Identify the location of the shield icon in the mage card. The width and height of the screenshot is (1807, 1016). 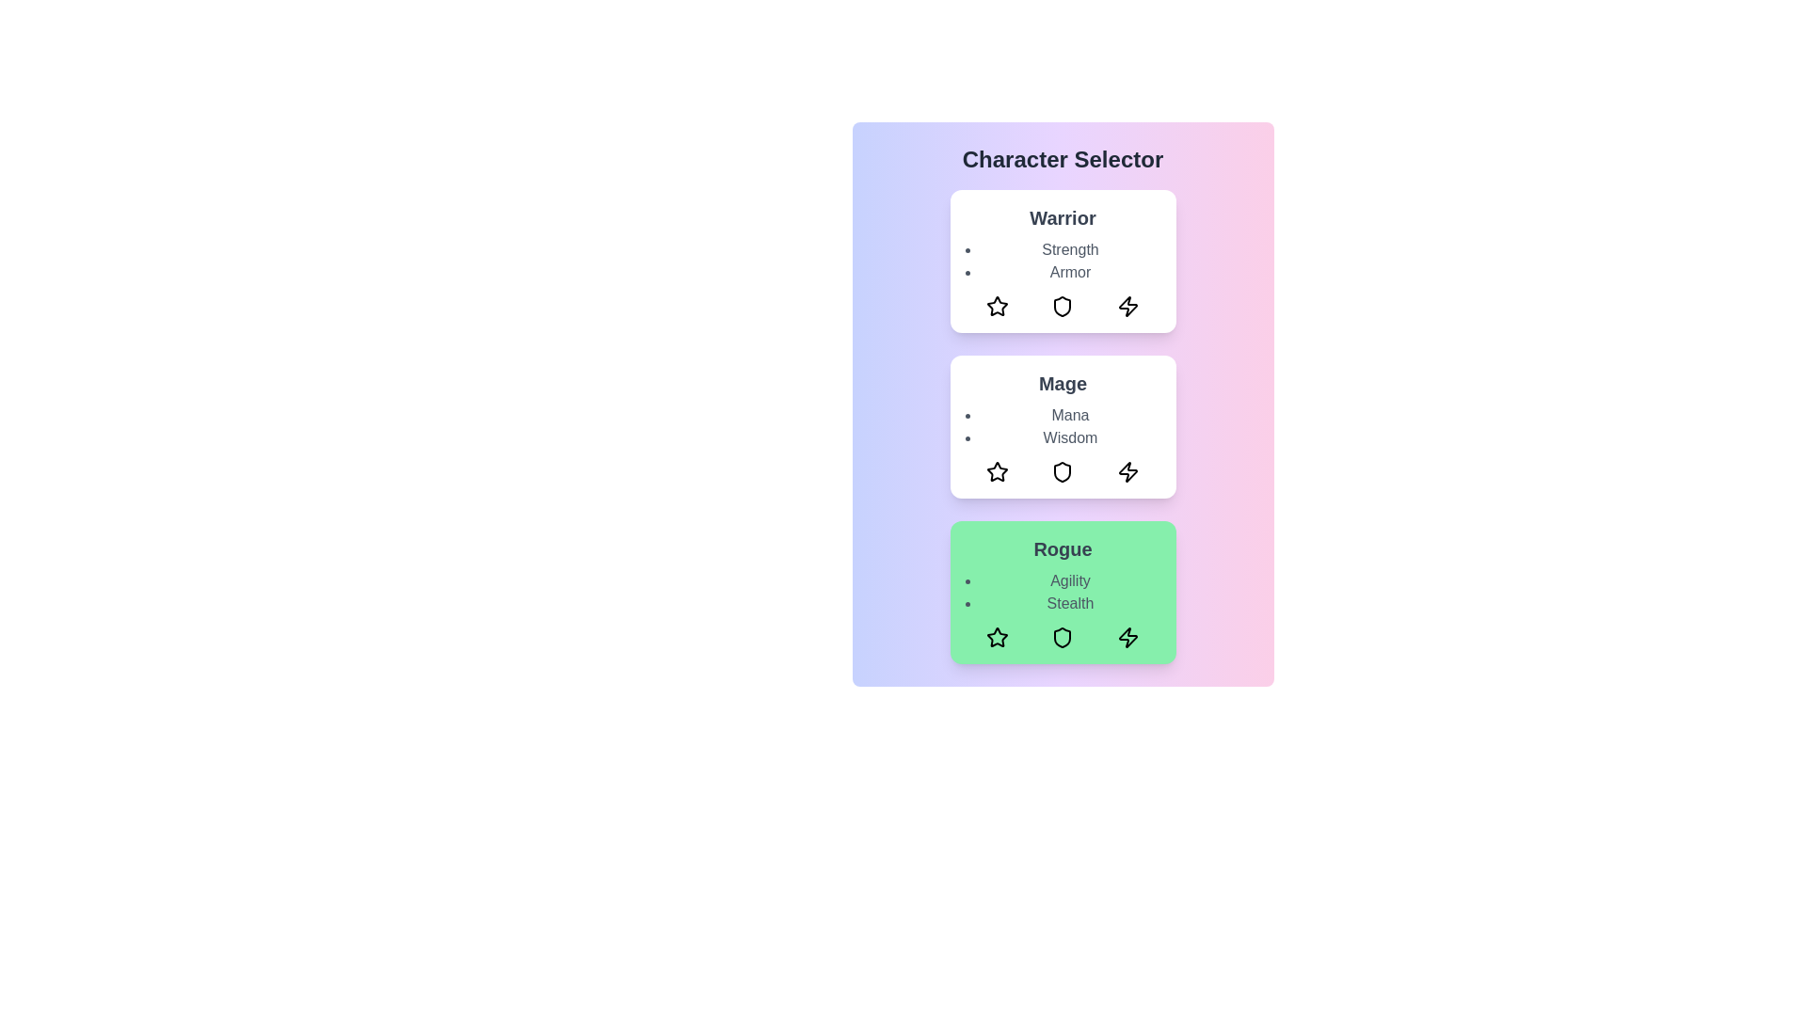
(1063, 470).